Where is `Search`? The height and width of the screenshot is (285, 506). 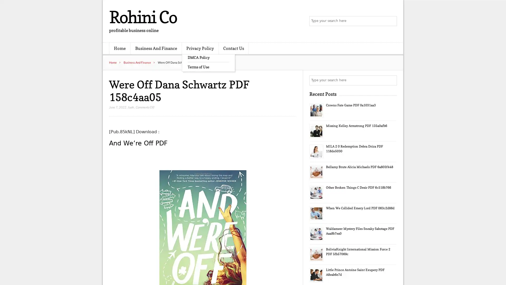
Search is located at coordinates (391, 80).